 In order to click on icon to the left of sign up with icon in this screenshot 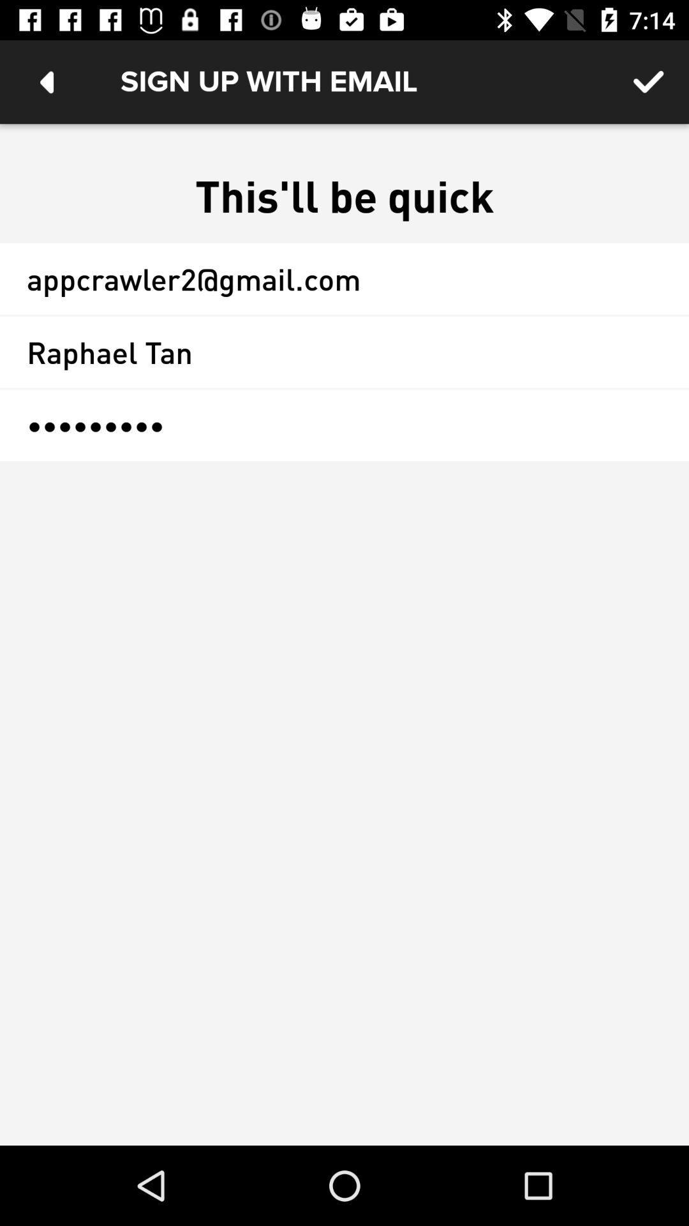, I will do `click(46, 81)`.